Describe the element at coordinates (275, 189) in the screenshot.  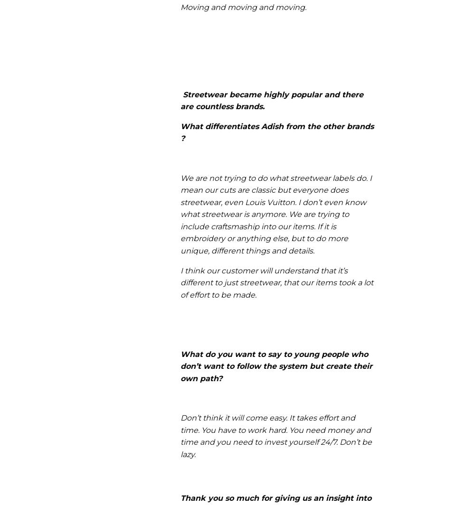
I see `'I mean our cuts are classic but everyone does streetwear, even Louis Vuitton.'` at that location.